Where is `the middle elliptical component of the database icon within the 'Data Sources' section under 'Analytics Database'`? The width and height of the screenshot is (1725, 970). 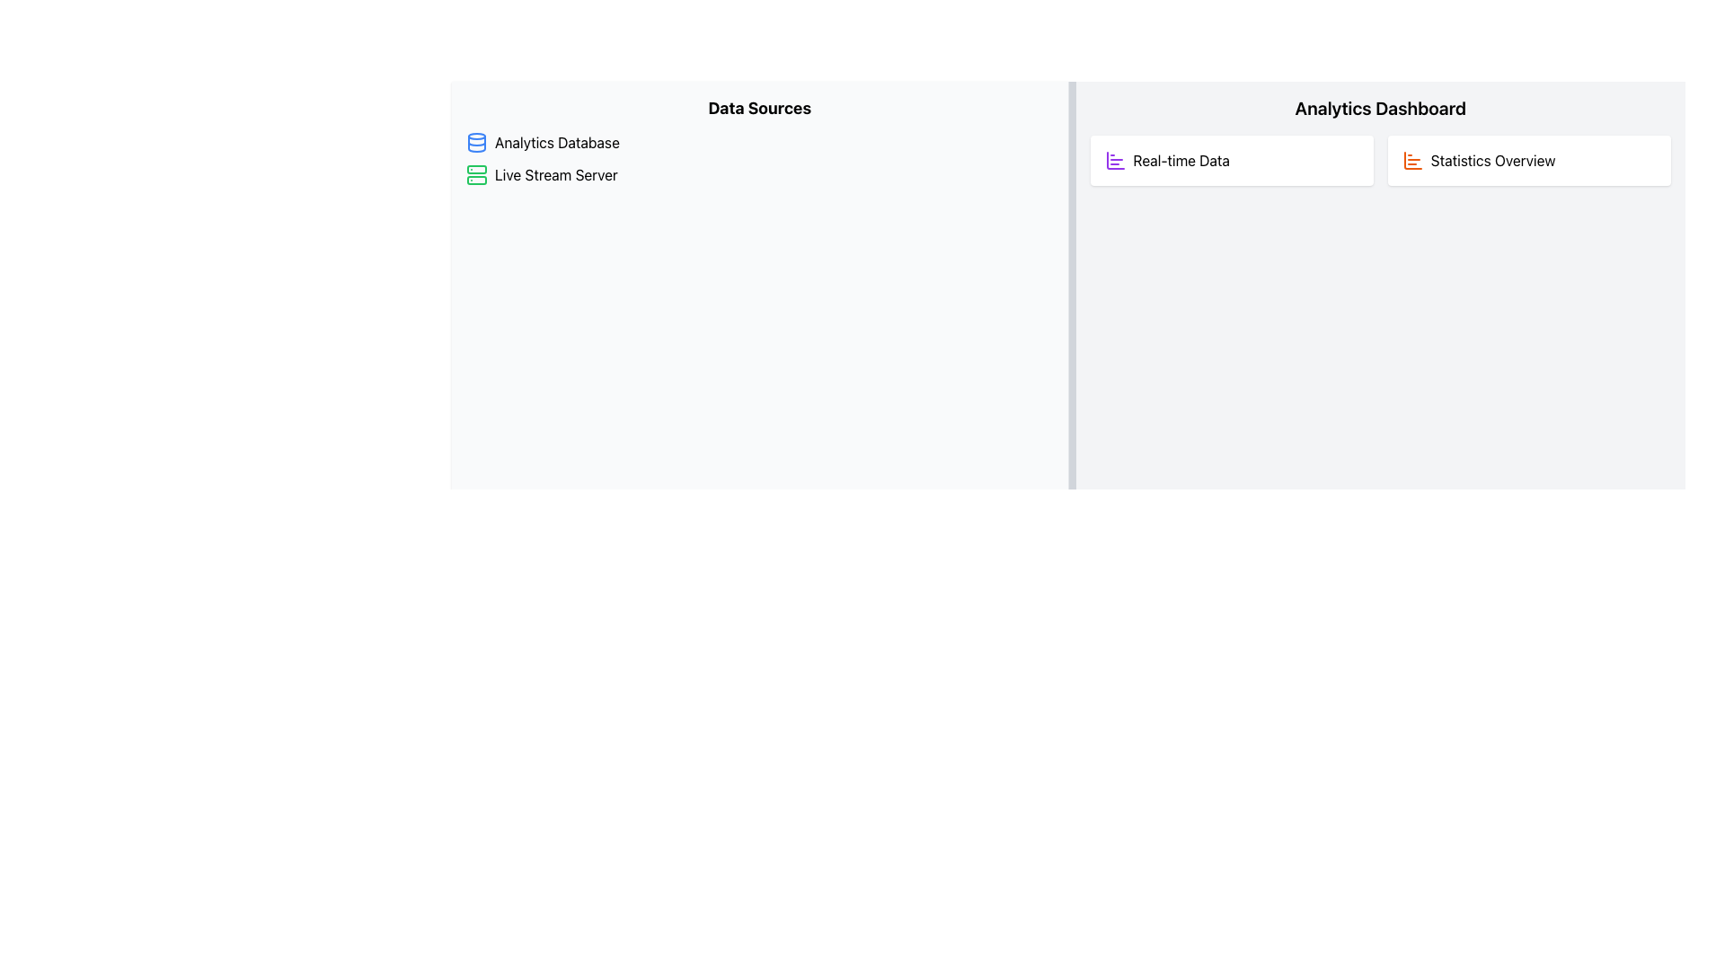
the middle elliptical component of the database icon within the 'Data Sources' section under 'Analytics Database' is located at coordinates (477, 142).